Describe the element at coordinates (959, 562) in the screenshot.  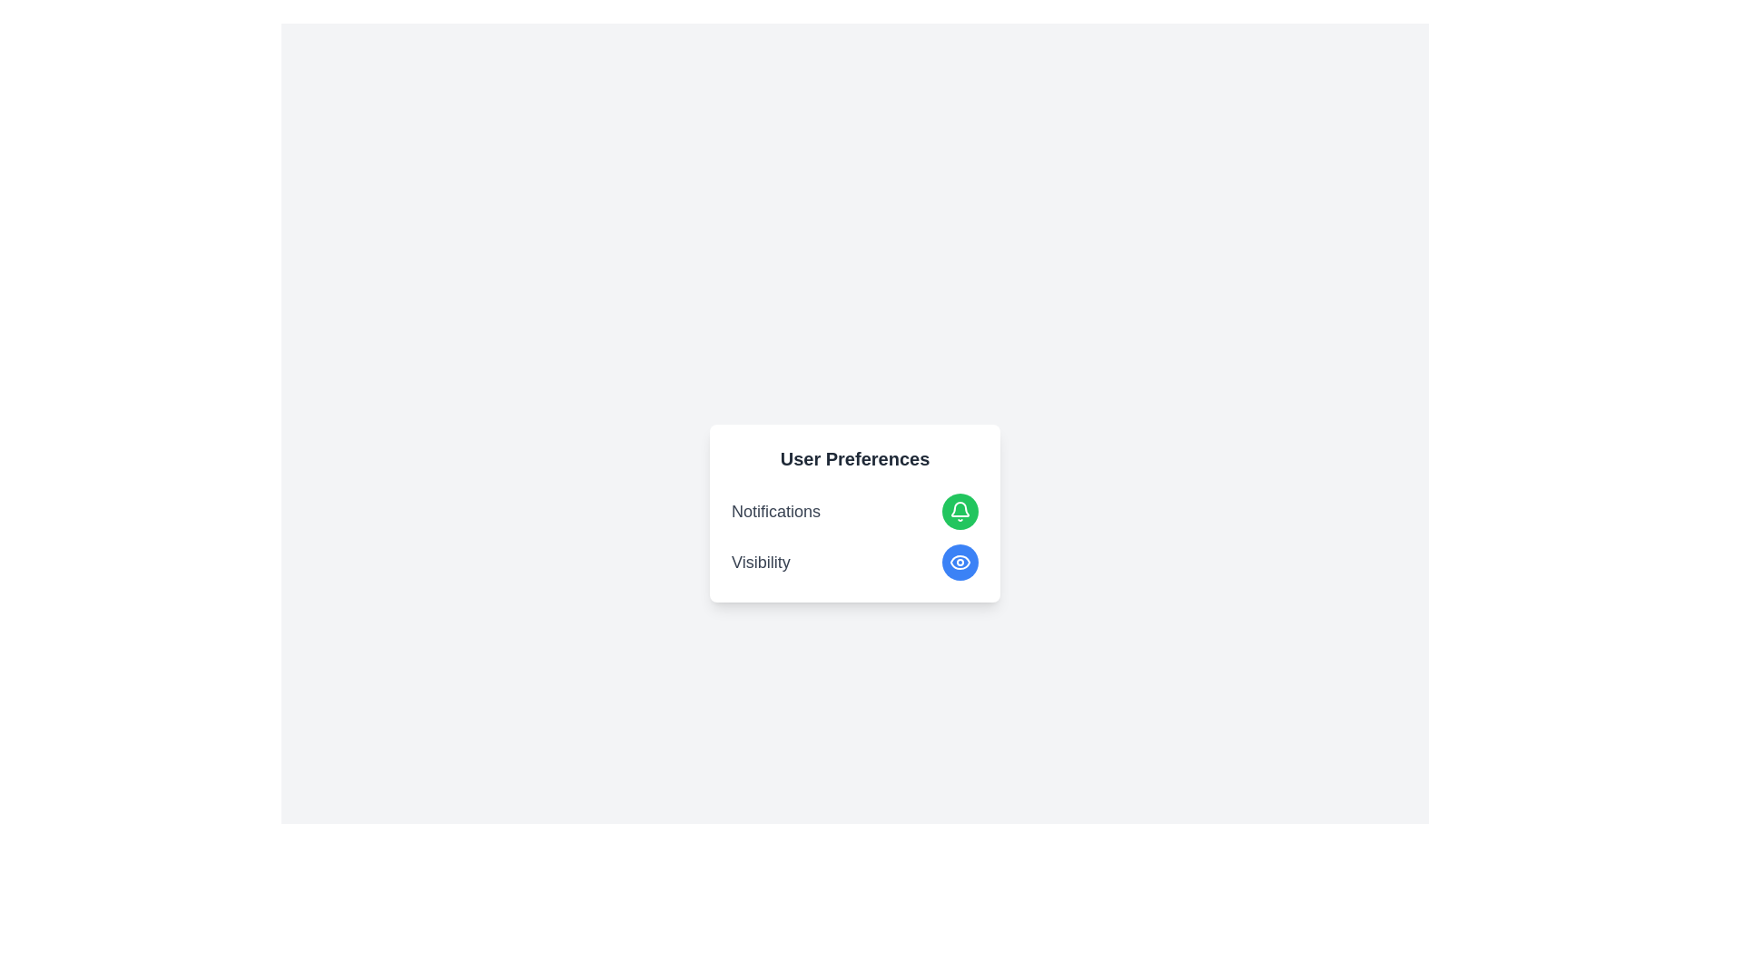
I see `the visibility toggle button to change its state` at that location.